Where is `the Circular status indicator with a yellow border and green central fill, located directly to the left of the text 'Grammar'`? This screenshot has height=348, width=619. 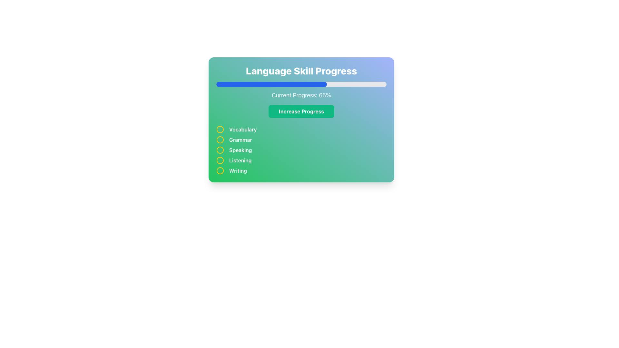
the Circular status indicator with a yellow border and green central fill, located directly to the left of the text 'Grammar' is located at coordinates (220, 140).